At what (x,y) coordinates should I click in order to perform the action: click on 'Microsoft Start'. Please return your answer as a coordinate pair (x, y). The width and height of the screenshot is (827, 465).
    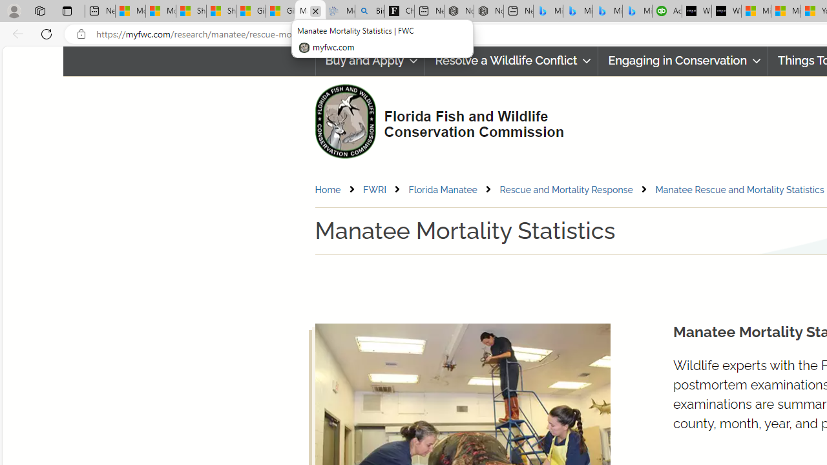
    Looking at the image, I should click on (785, 11).